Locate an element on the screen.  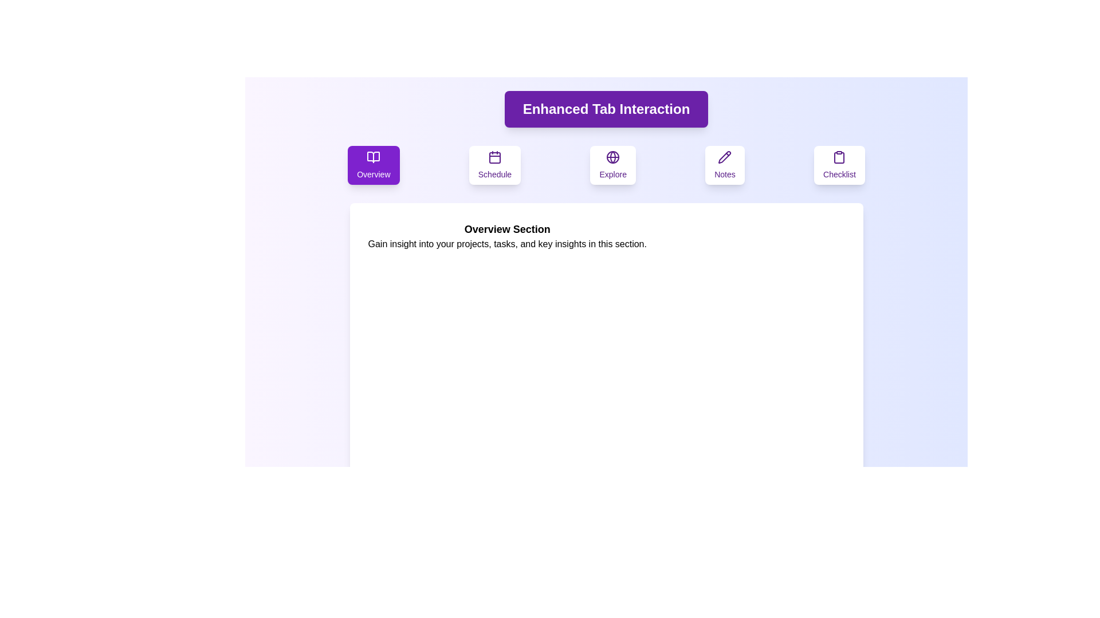
the 'Explore' section of the Navigation Tab, which is highlighted and located third from the left is located at coordinates (606, 165).